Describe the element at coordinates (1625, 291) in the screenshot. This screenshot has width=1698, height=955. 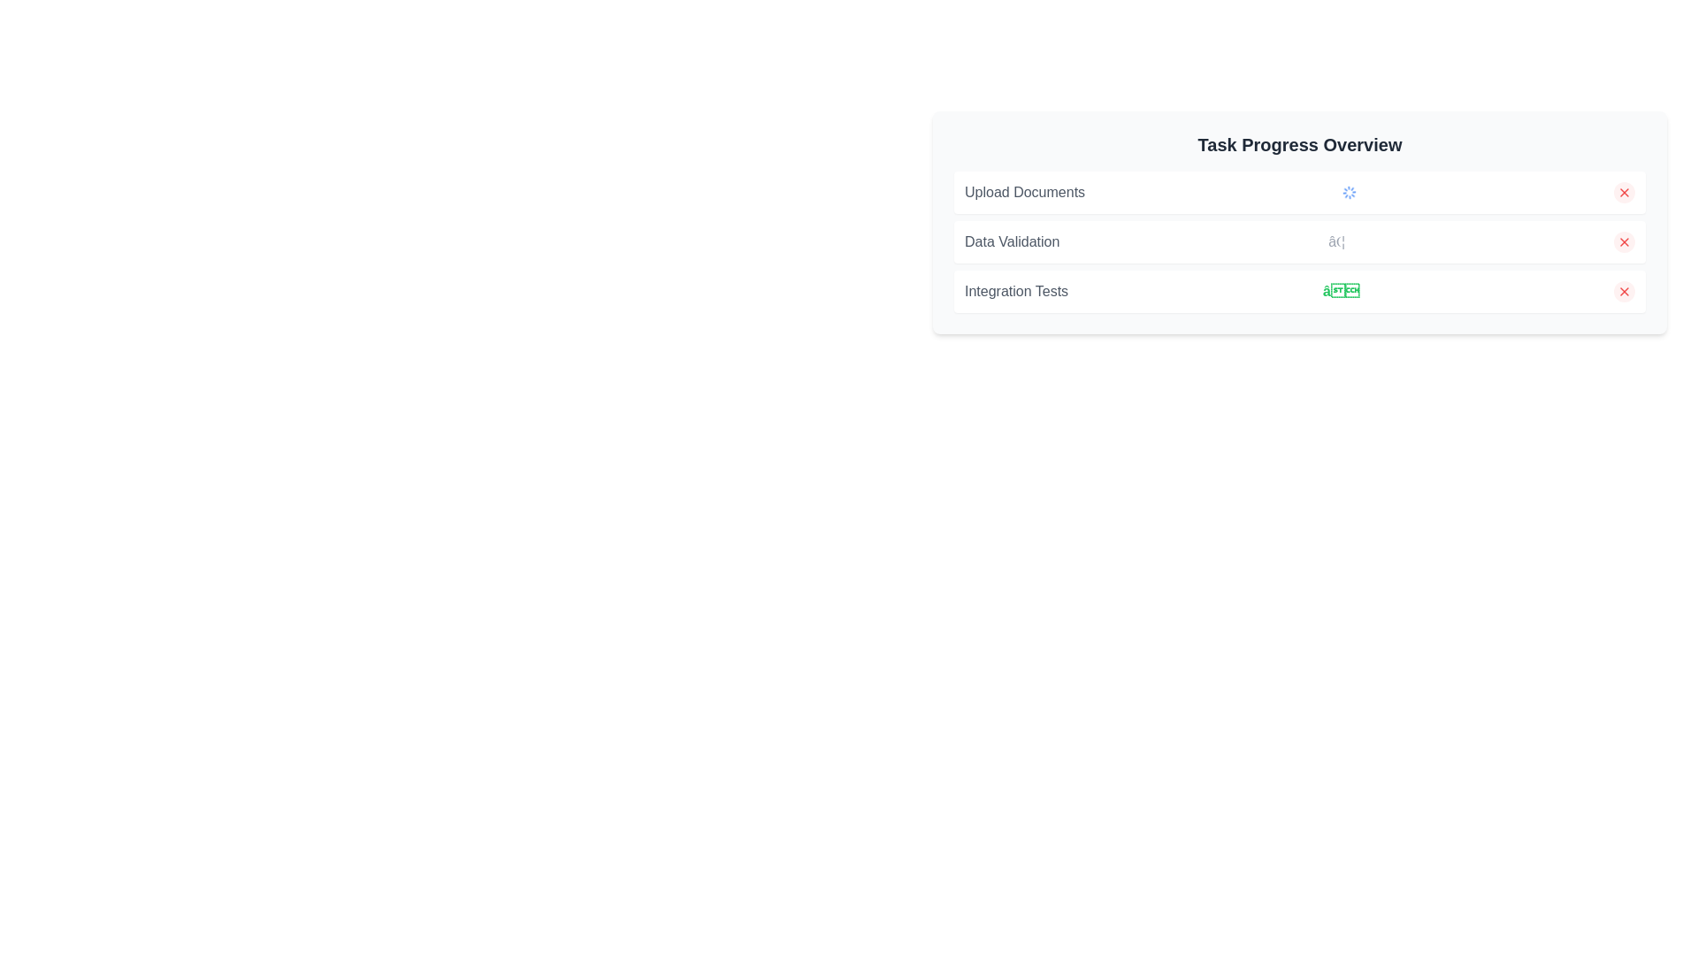
I see `the close/error indicator icon located at the top-right corner of the 'Task Progress Overview' panel, at the end of the 'Integration Tests' row` at that location.